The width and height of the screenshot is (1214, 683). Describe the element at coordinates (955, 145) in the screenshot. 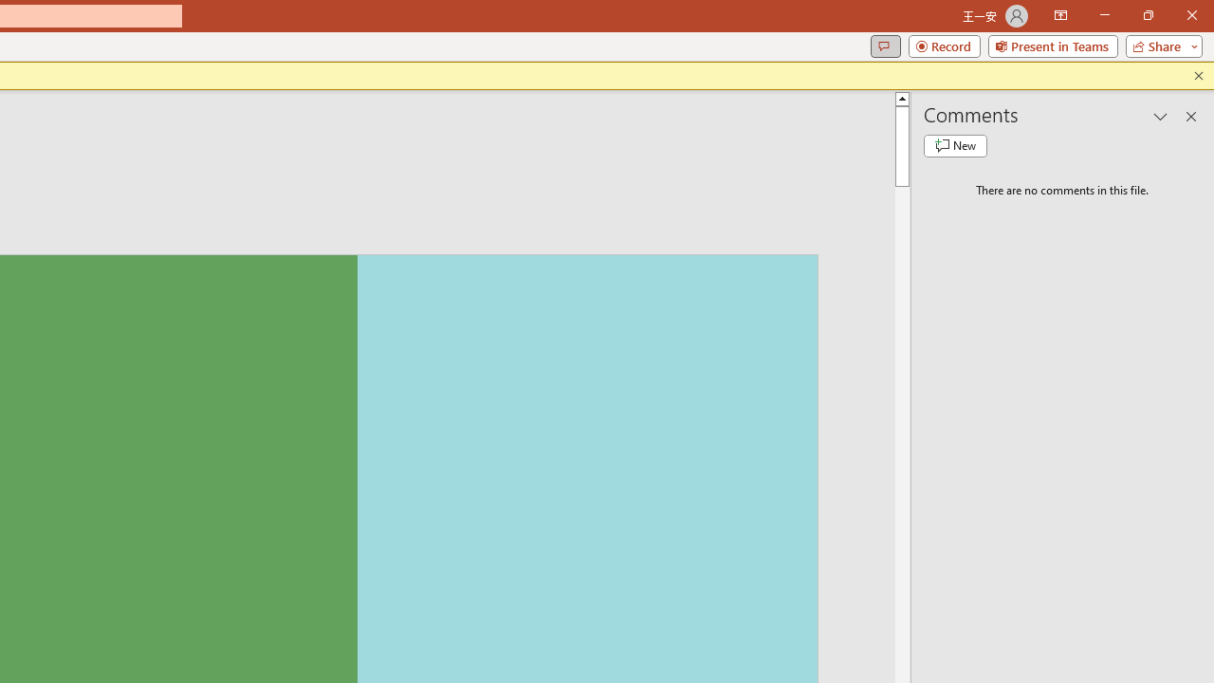

I see `'New comment'` at that location.